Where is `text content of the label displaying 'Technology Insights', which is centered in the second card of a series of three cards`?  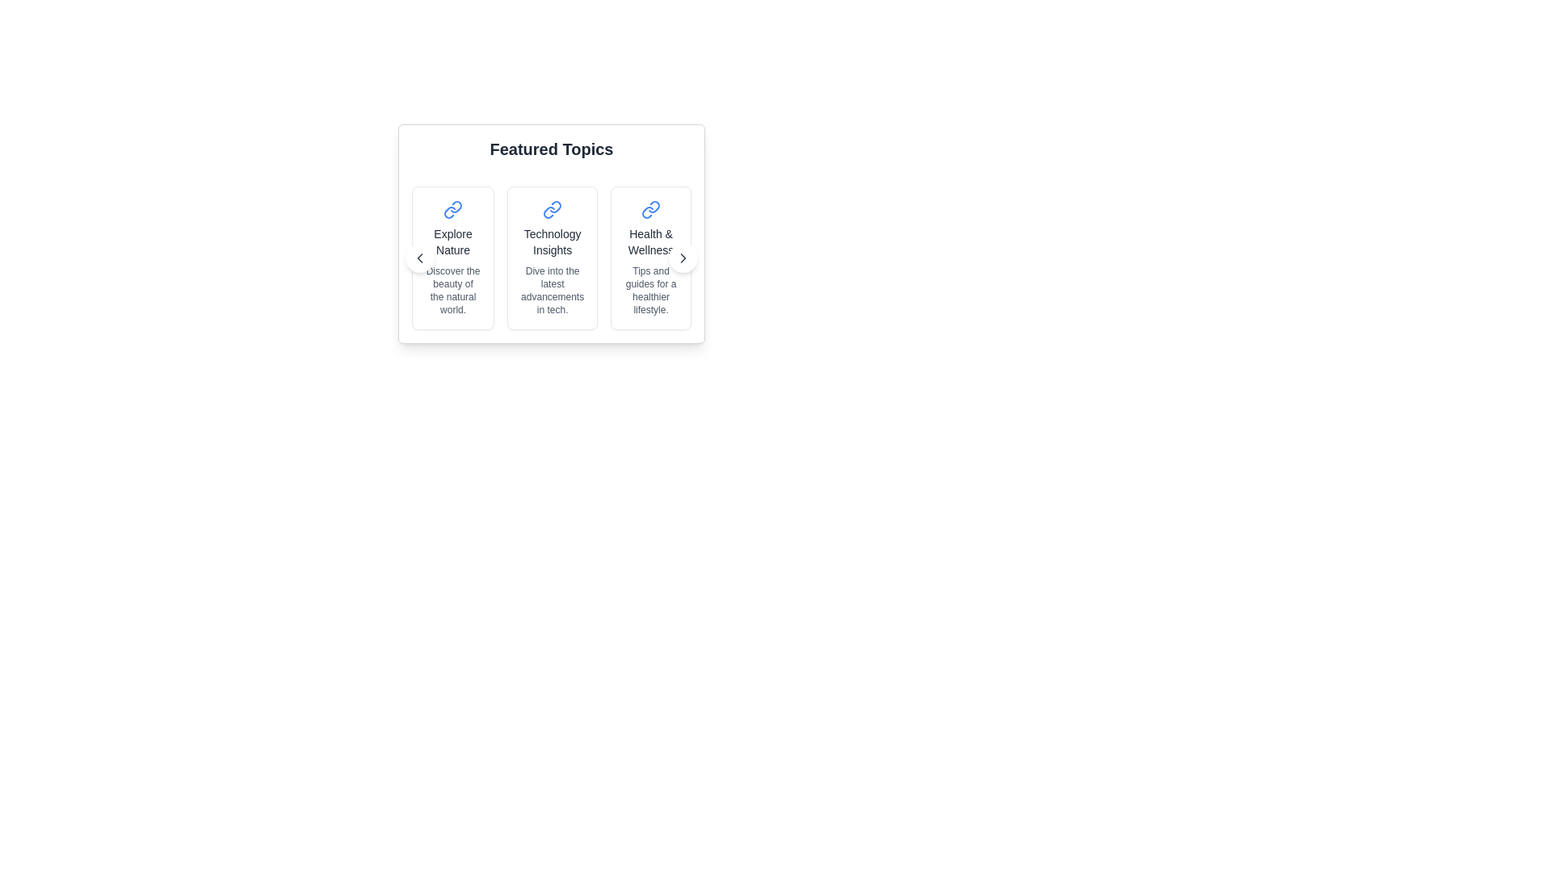 text content of the label displaying 'Technology Insights', which is centered in the second card of a series of three cards is located at coordinates (553, 242).